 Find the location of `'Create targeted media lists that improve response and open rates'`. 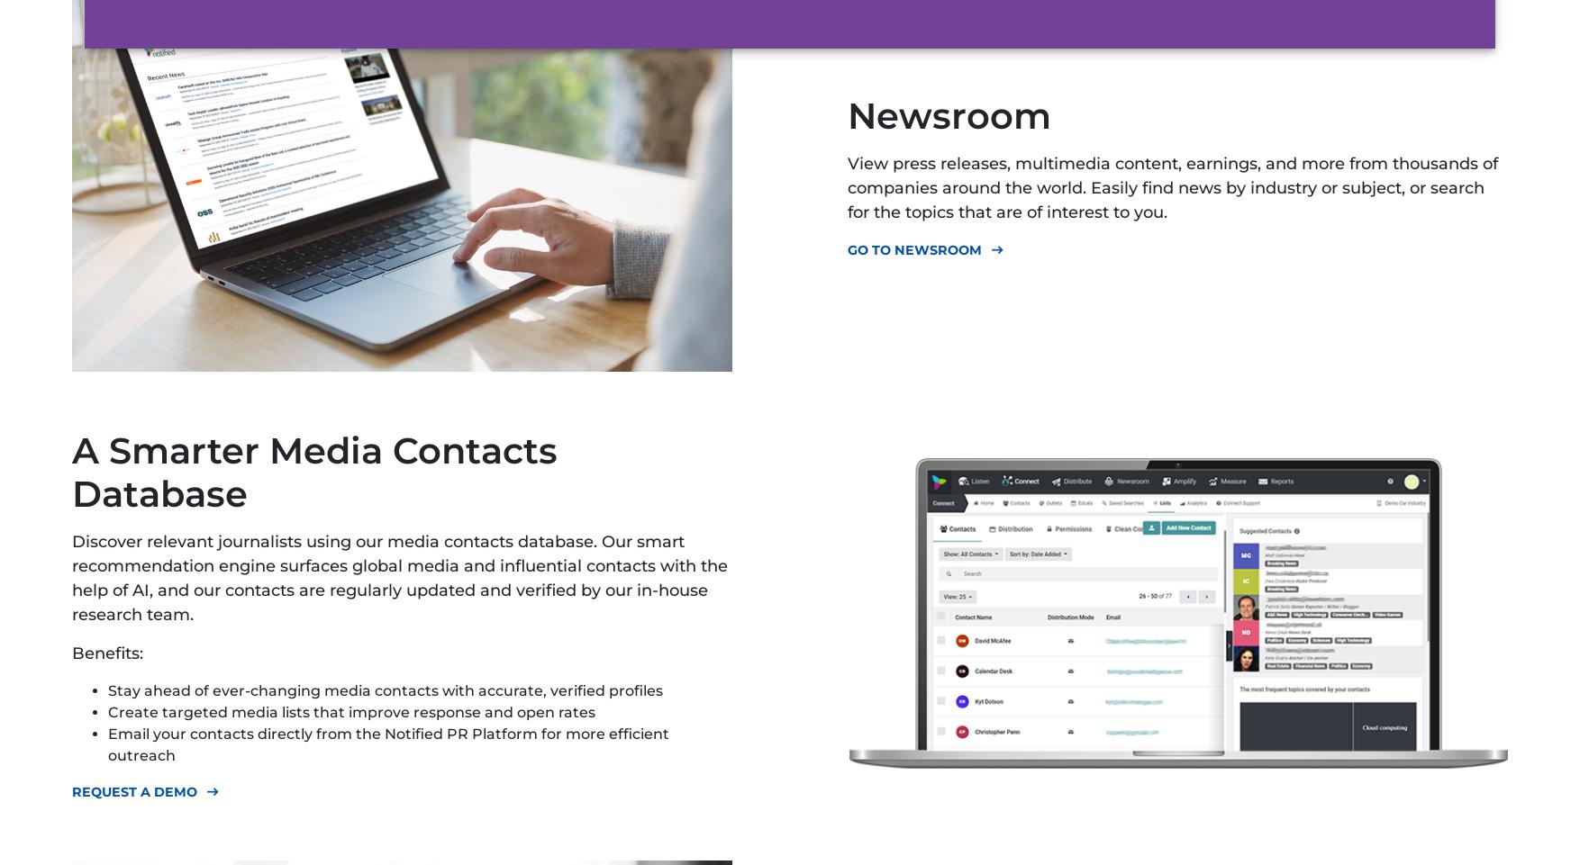

'Create targeted media lists that improve response and open rates' is located at coordinates (351, 711).